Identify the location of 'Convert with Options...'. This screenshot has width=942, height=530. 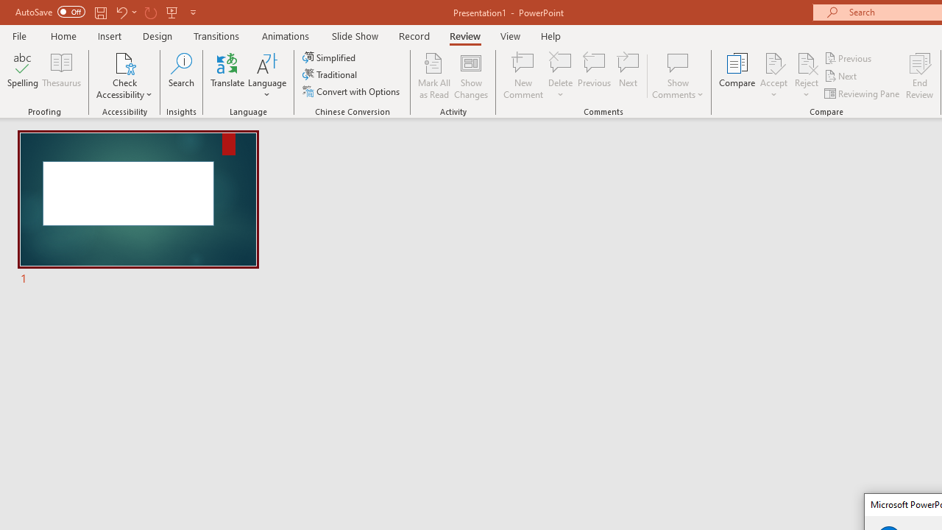
(352, 91).